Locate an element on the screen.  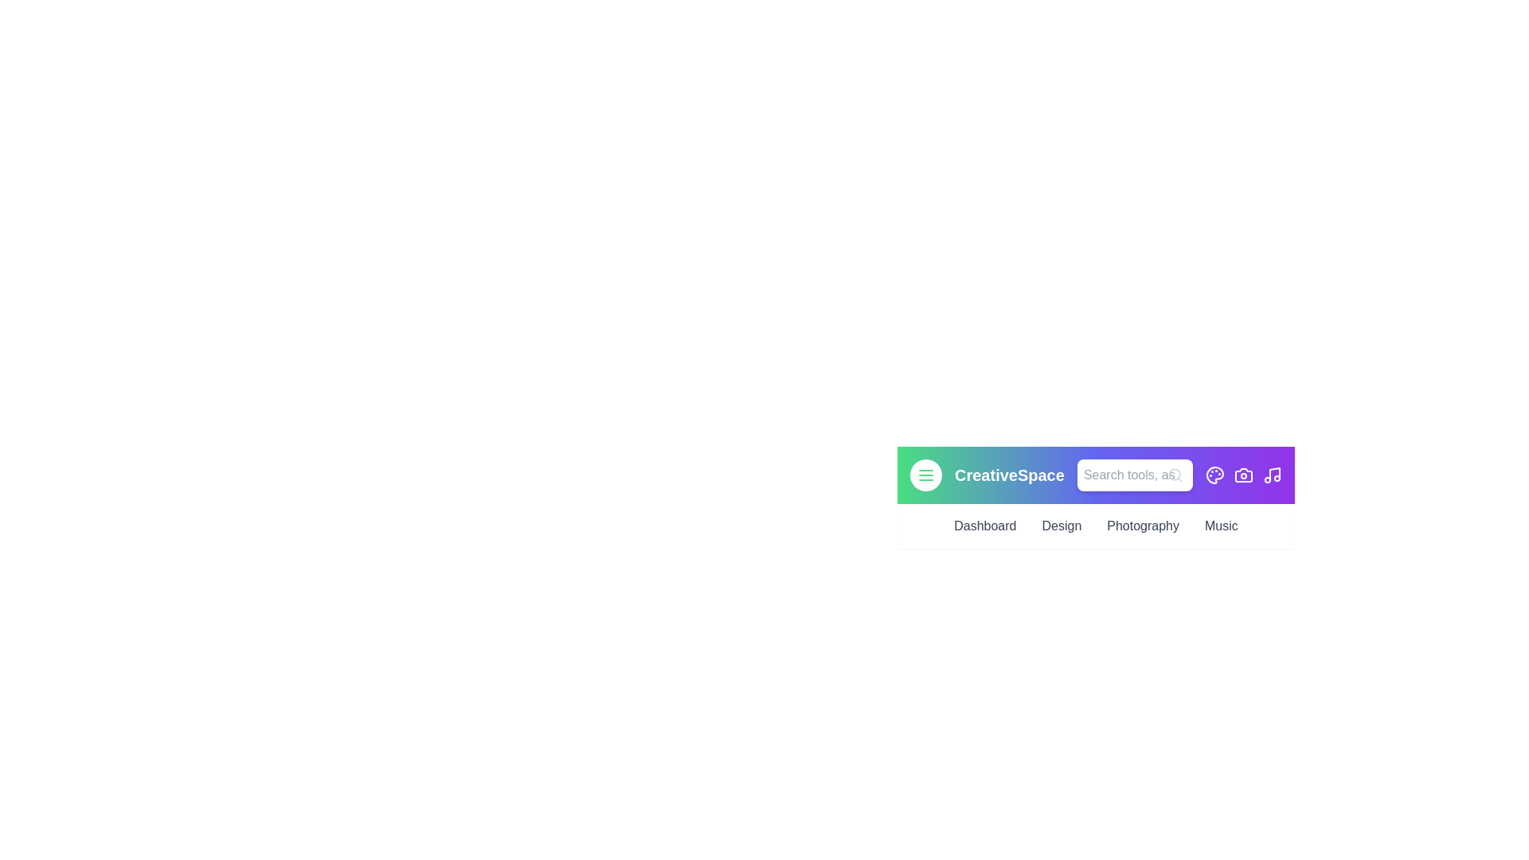
the menu toggle button to toggle the menu open/closed is located at coordinates (925, 475).